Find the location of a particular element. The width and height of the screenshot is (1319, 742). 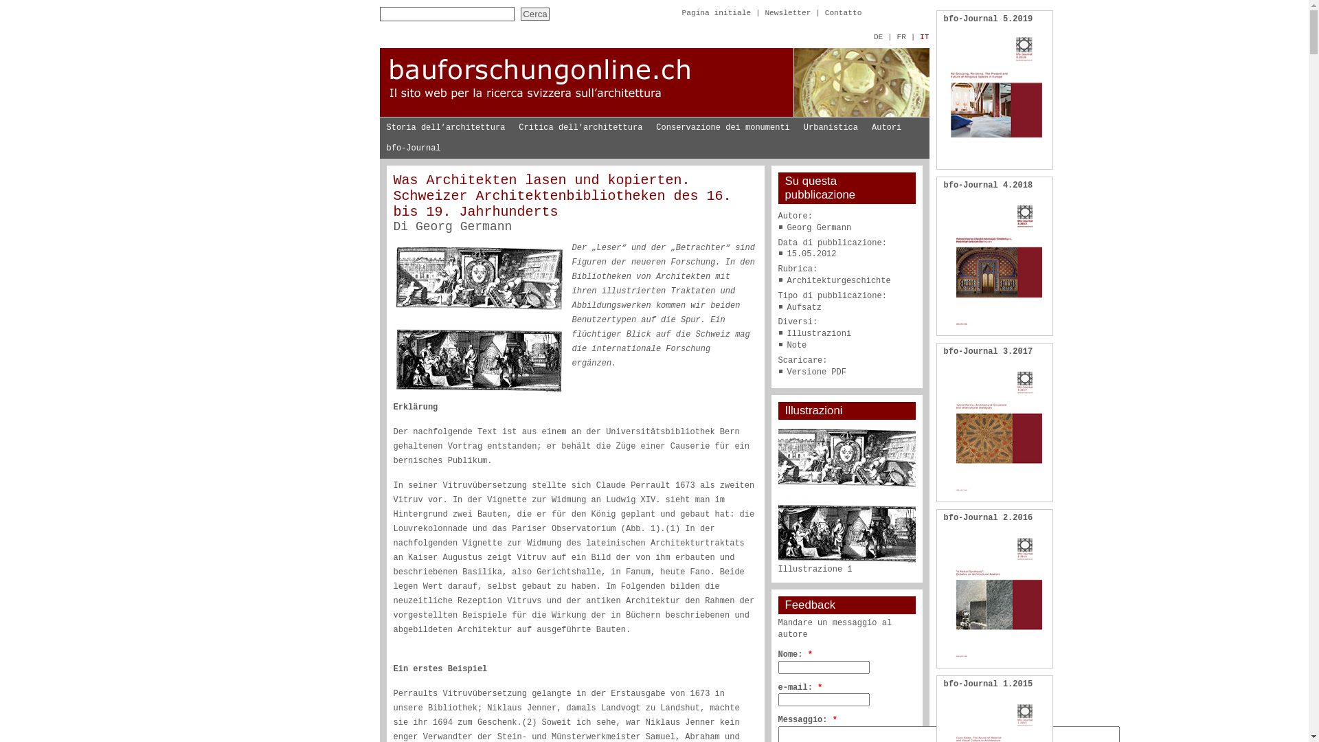

'bfo-Journal' is located at coordinates (379, 148).